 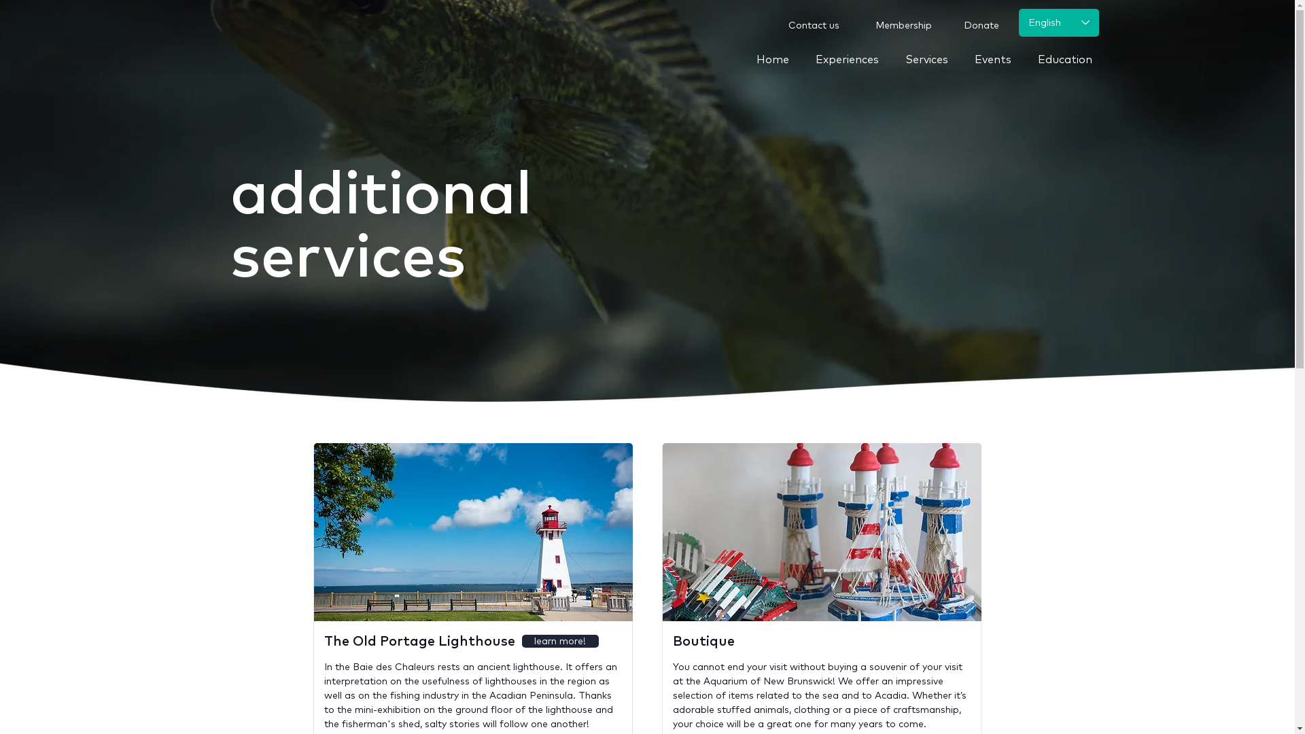 What do you see at coordinates (933, 52) in the screenshot?
I see `'Services'` at bounding box center [933, 52].